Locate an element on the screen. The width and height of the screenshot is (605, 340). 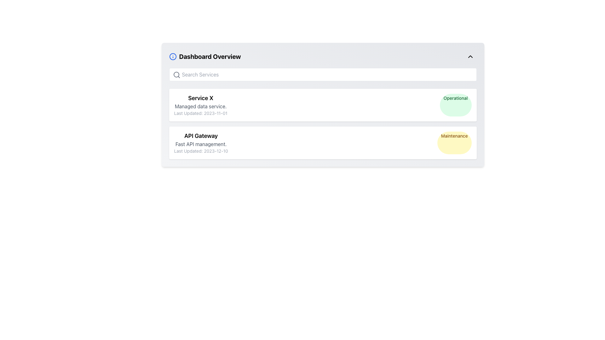
the 'Dashboard Overview' label that features a blue circle with an information icon and bold black text, located near the top-left corner of the interface is located at coordinates (205, 57).